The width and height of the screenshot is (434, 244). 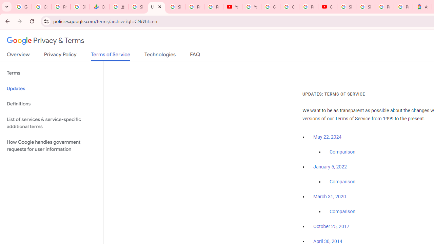 What do you see at coordinates (99, 7) in the screenshot?
I see `'Currencies - Google Finance'` at bounding box center [99, 7].